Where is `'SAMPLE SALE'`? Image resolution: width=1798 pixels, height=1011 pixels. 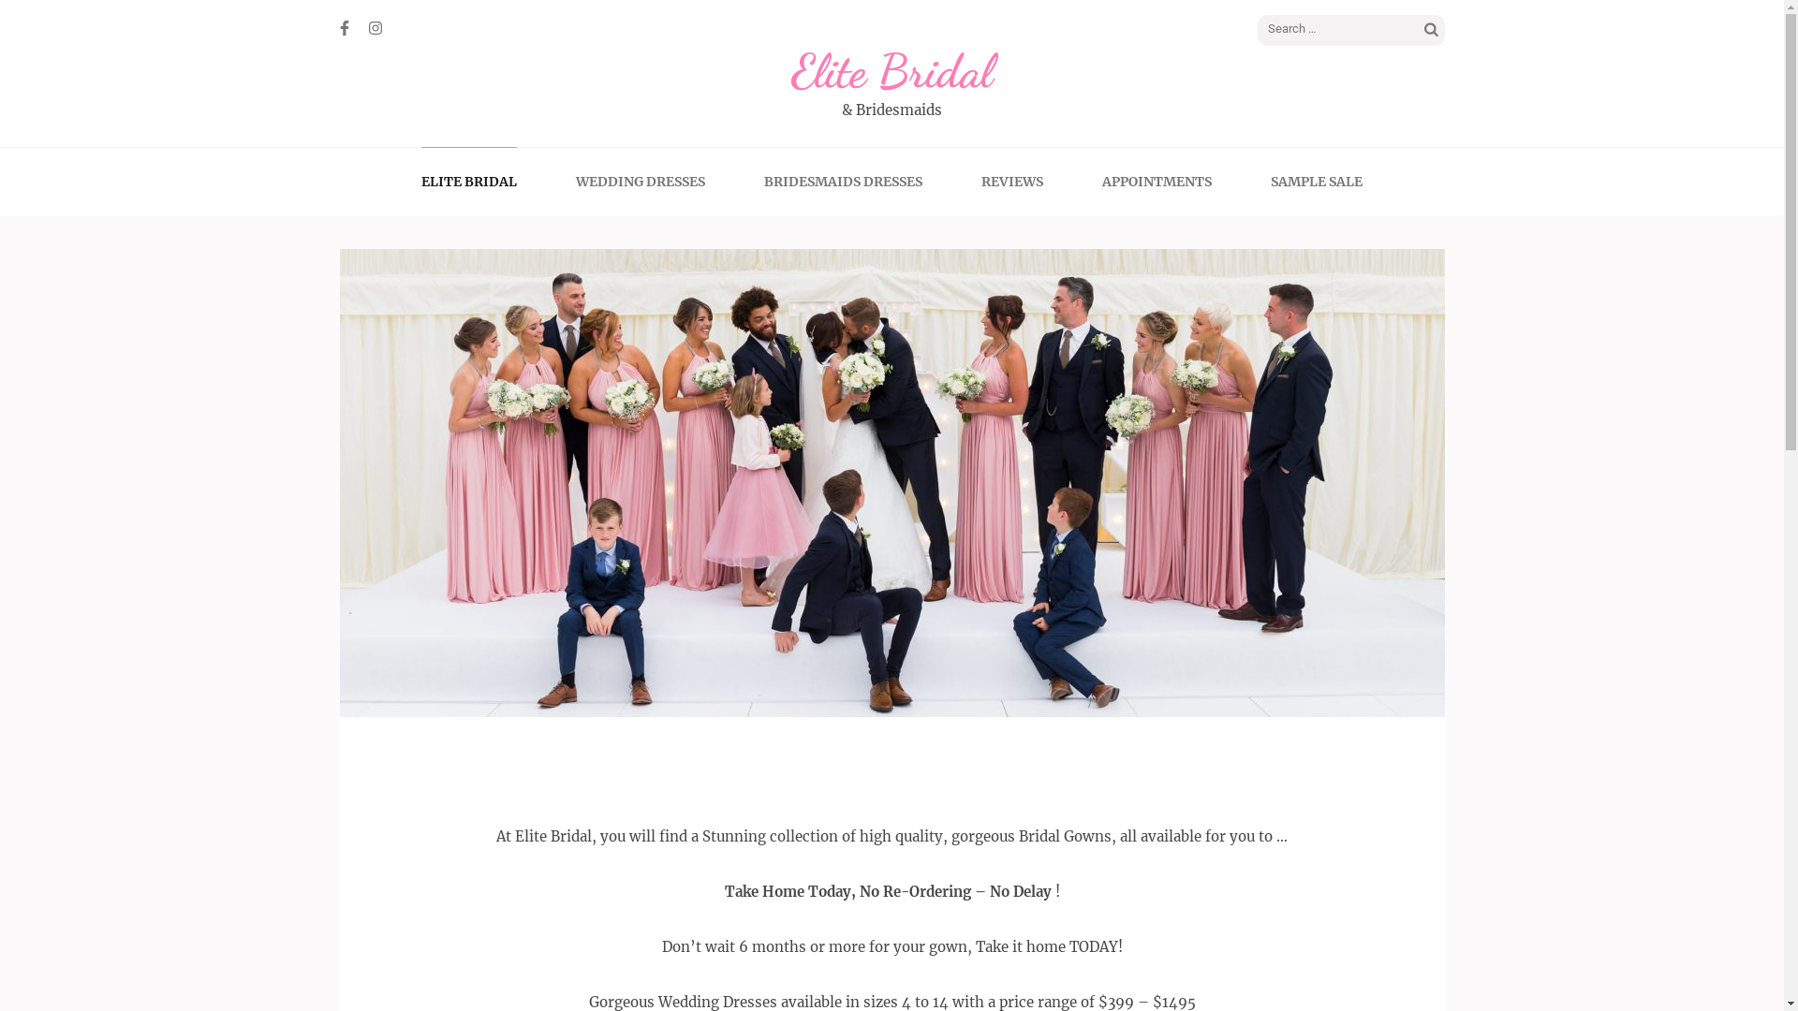 'SAMPLE SALE' is located at coordinates (1271, 181).